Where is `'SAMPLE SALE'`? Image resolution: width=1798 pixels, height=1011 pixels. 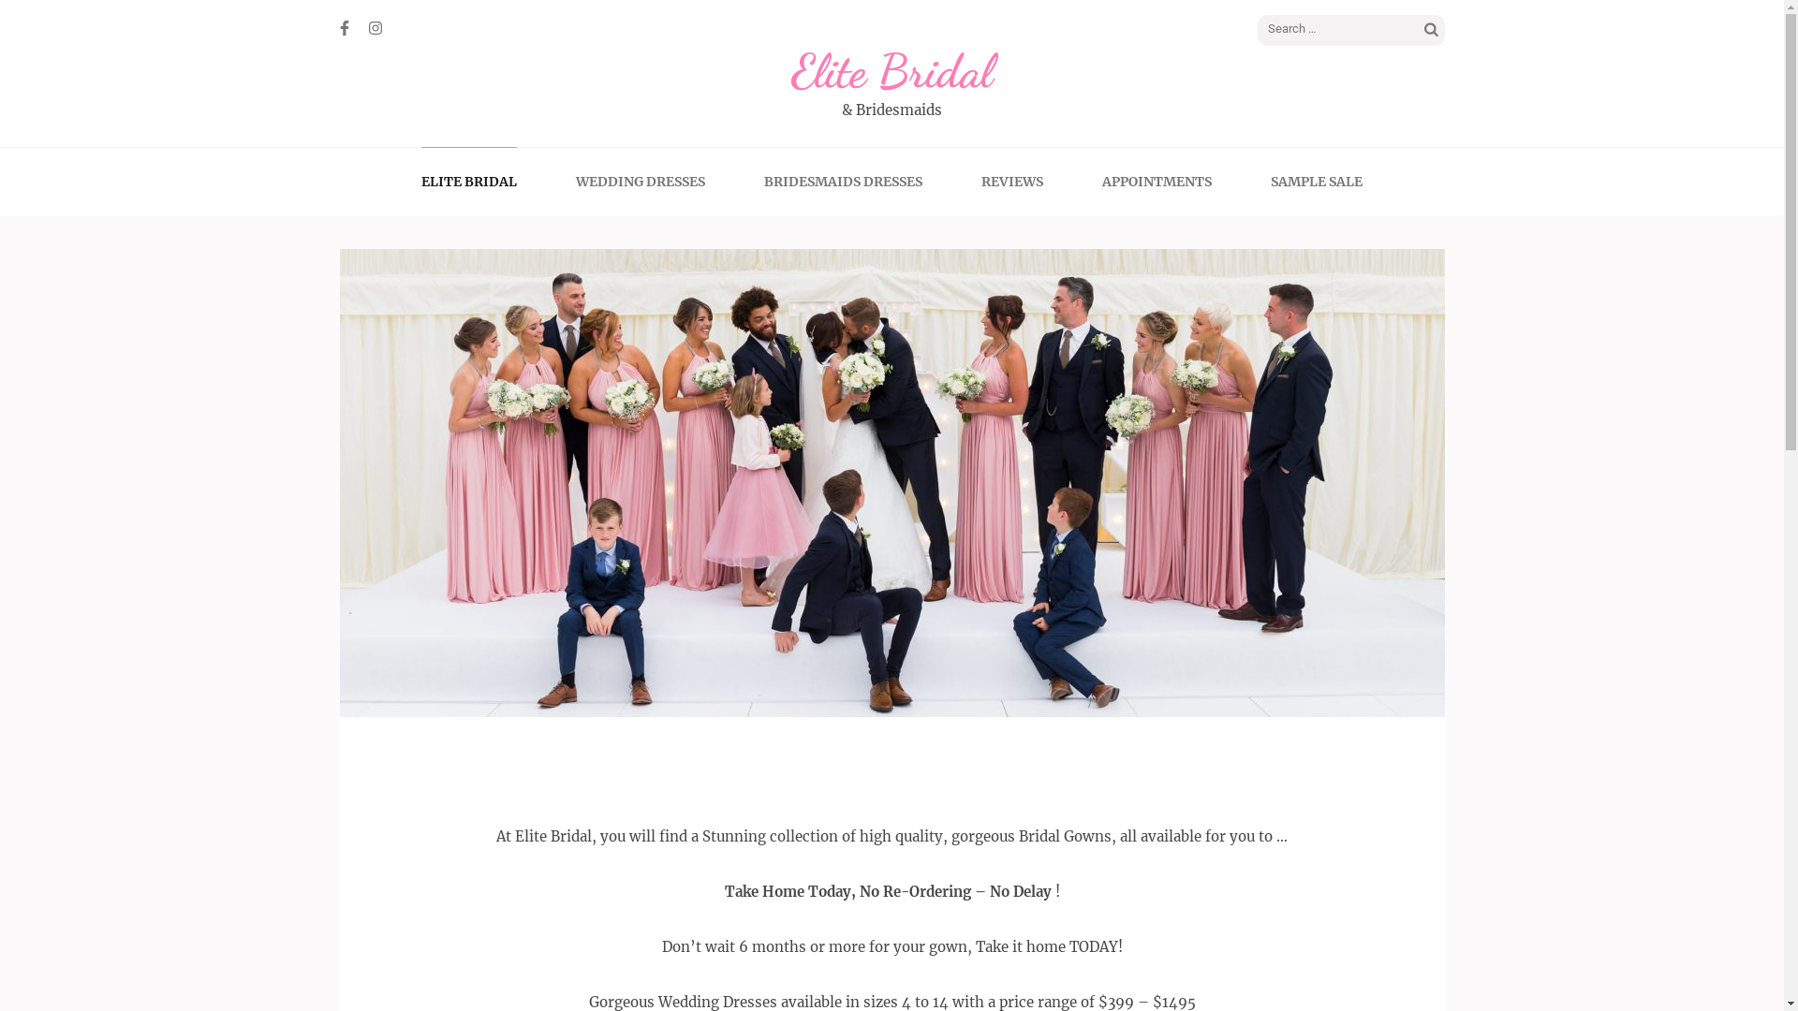 'SAMPLE SALE' is located at coordinates (1271, 181).